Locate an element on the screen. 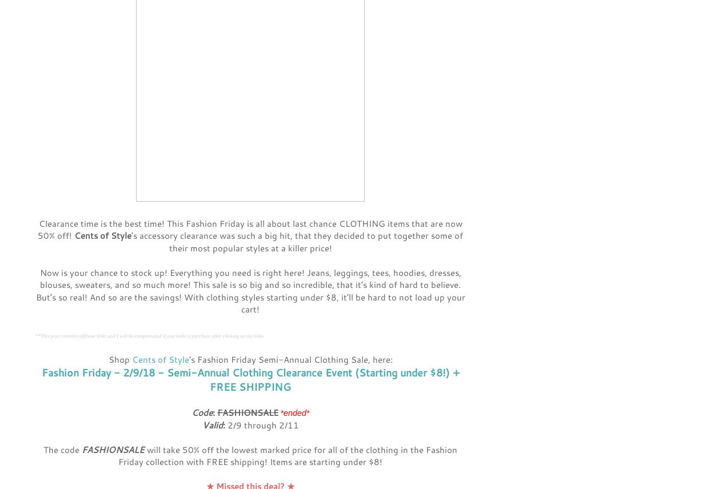 This screenshot has height=489, width=702. 'The code' is located at coordinates (62, 448).